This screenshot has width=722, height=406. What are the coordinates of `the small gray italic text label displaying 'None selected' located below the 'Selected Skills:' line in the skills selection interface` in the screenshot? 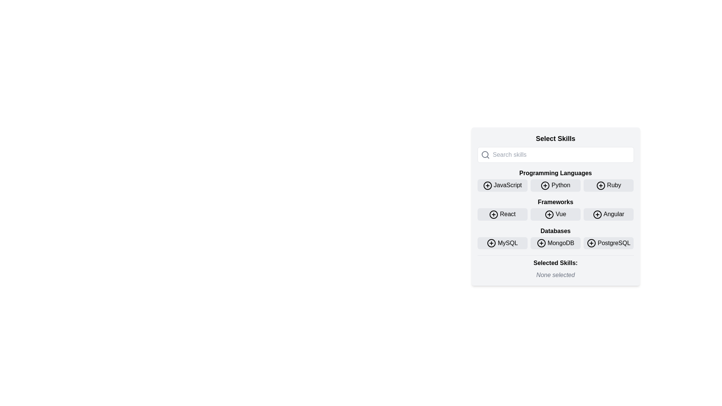 It's located at (555, 275).